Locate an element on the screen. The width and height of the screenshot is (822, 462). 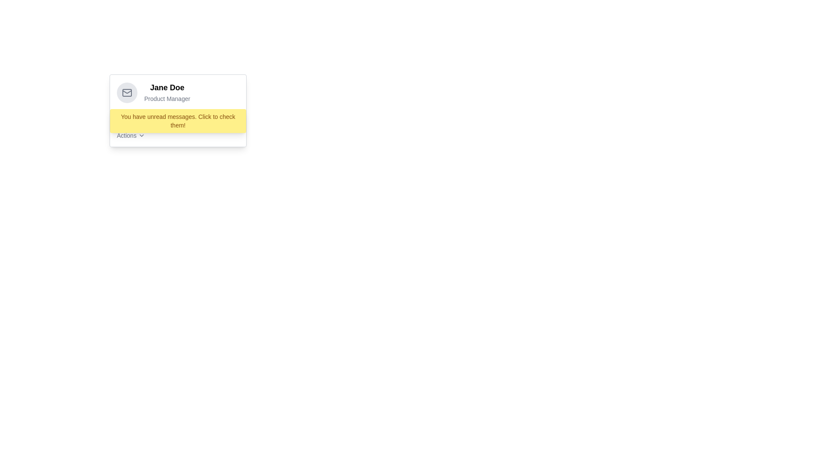
the Text Display element that shows 'Jane Doe' and 'Product Manager', located to the right of the email icon in a card layout is located at coordinates (167, 92).